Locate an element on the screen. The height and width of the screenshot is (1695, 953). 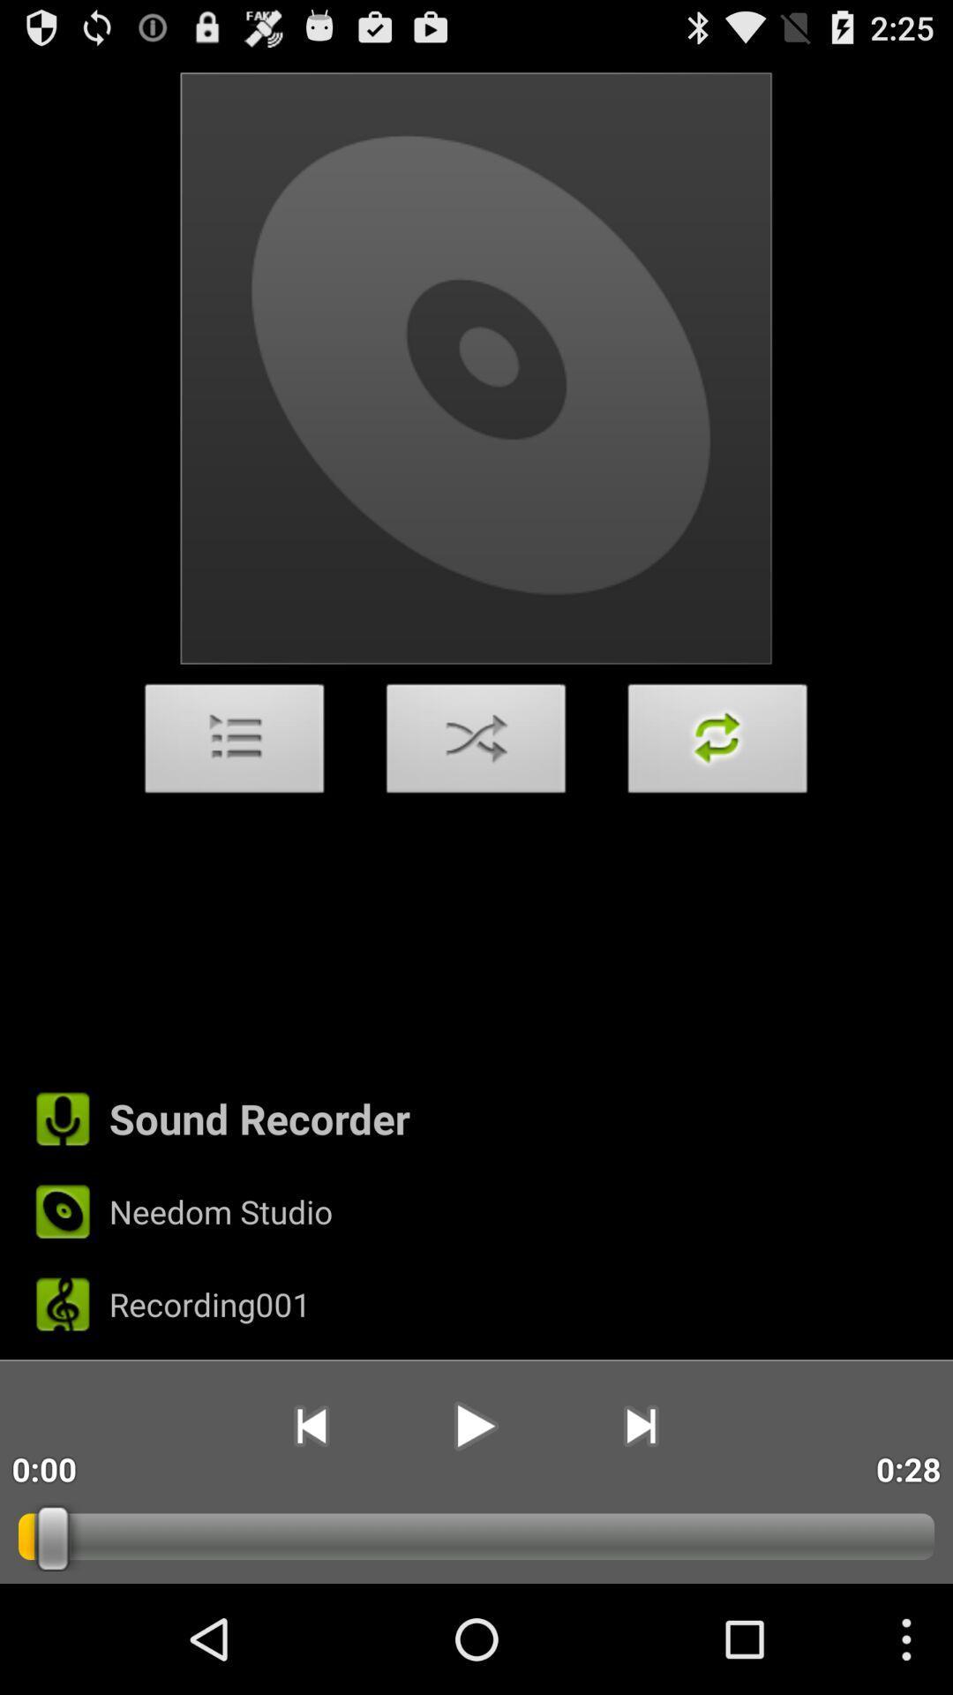
the skip_previous icon is located at coordinates (310, 1525).